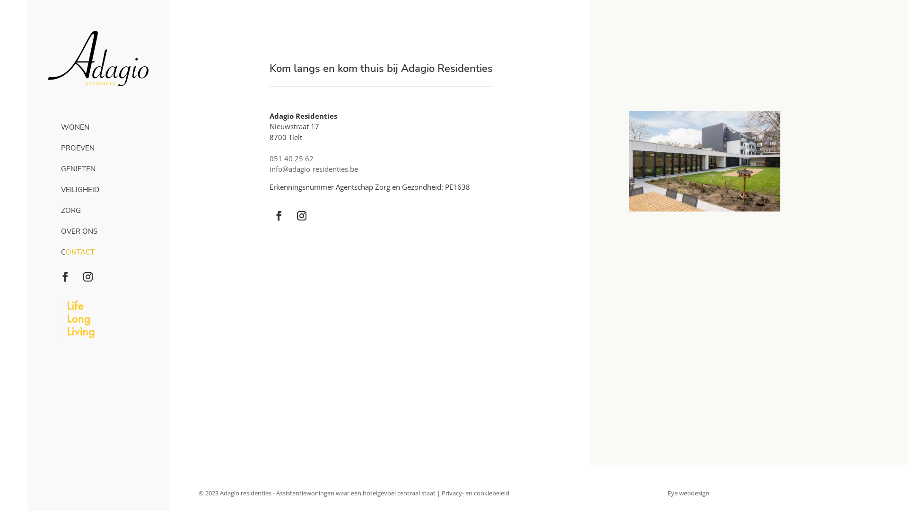  Describe the element at coordinates (98, 251) in the screenshot. I see `'CONTACT'` at that location.